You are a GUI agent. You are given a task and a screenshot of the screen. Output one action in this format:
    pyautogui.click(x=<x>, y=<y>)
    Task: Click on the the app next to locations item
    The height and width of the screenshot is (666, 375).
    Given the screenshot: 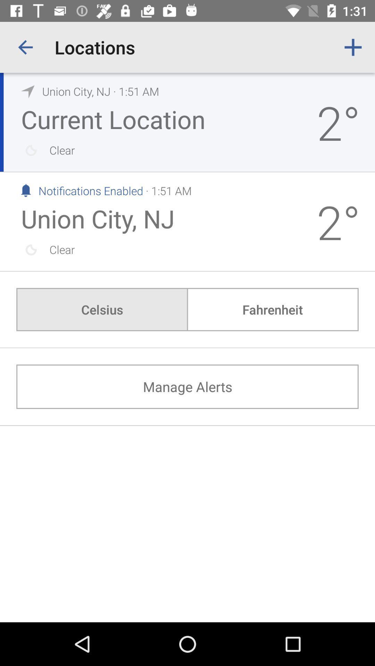 What is the action you would take?
    pyautogui.click(x=353, y=47)
    